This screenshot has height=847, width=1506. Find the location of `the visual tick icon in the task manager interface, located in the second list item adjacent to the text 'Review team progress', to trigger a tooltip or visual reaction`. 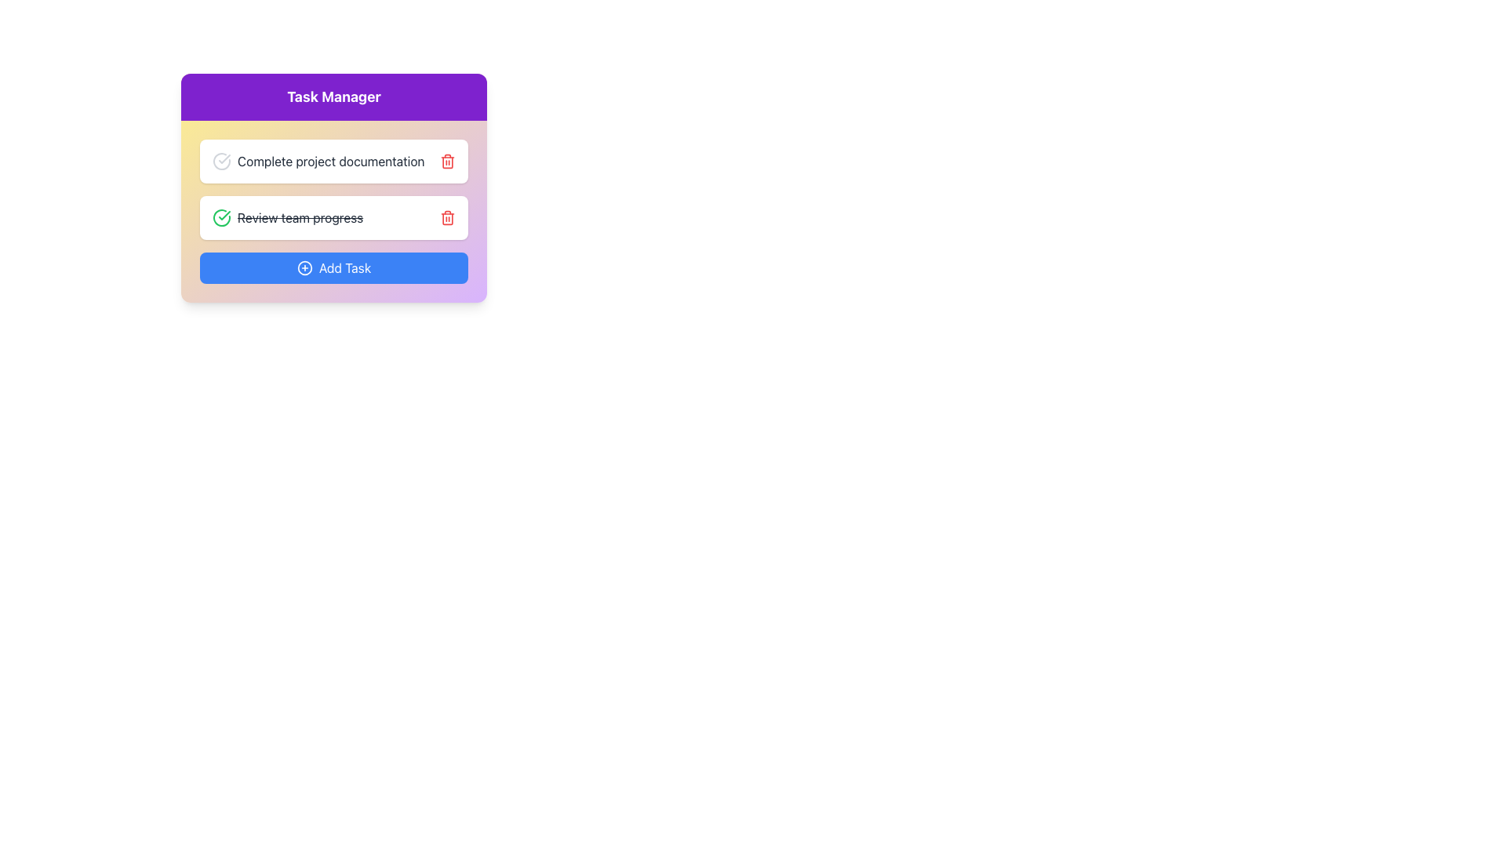

the visual tick icon in the task manager interface, located in the second list item adjacent to the text 'Review team progress', to trigger a tooltip or visual reaction is located at coordinates (224, 215).